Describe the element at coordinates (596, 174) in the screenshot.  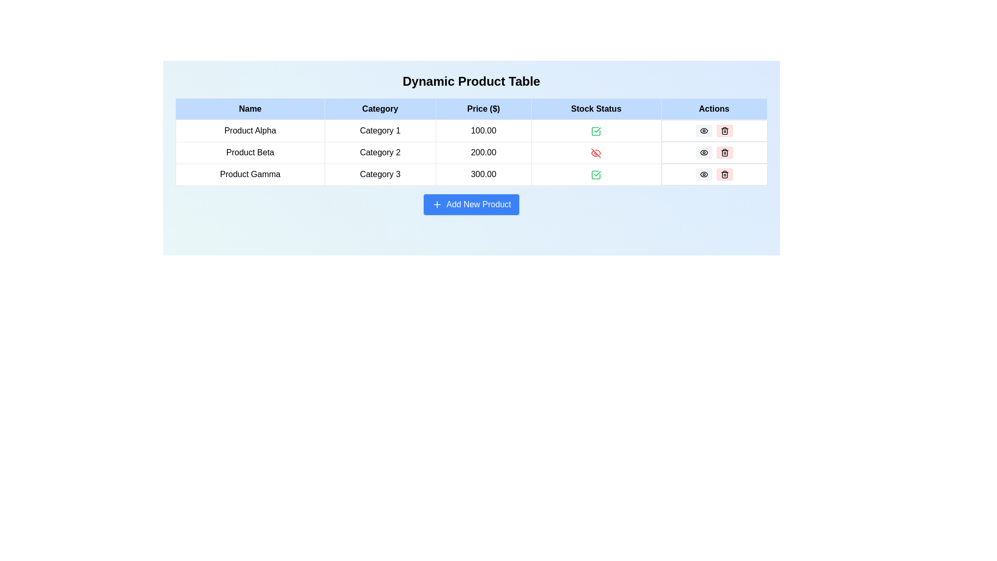
I see `the green checkmark icon inside a square located in the 'Stock Status' column of the third row of the table, which is aligned with 'Category 3' and '300.00'` at that location.